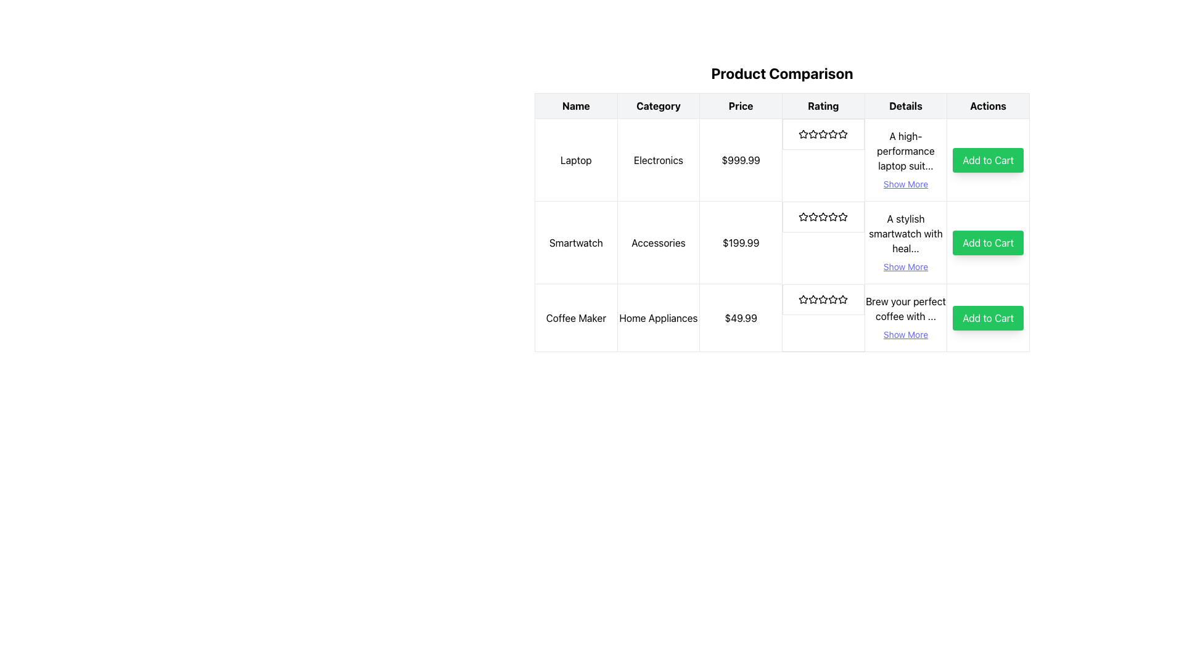 This screenshot has height=666, width=1184. Describe the element at coordinates (813, 299) in the screenshot. I see `the third star in the five-star rating system for the 'Coffee Maker' to rate it` at that location.